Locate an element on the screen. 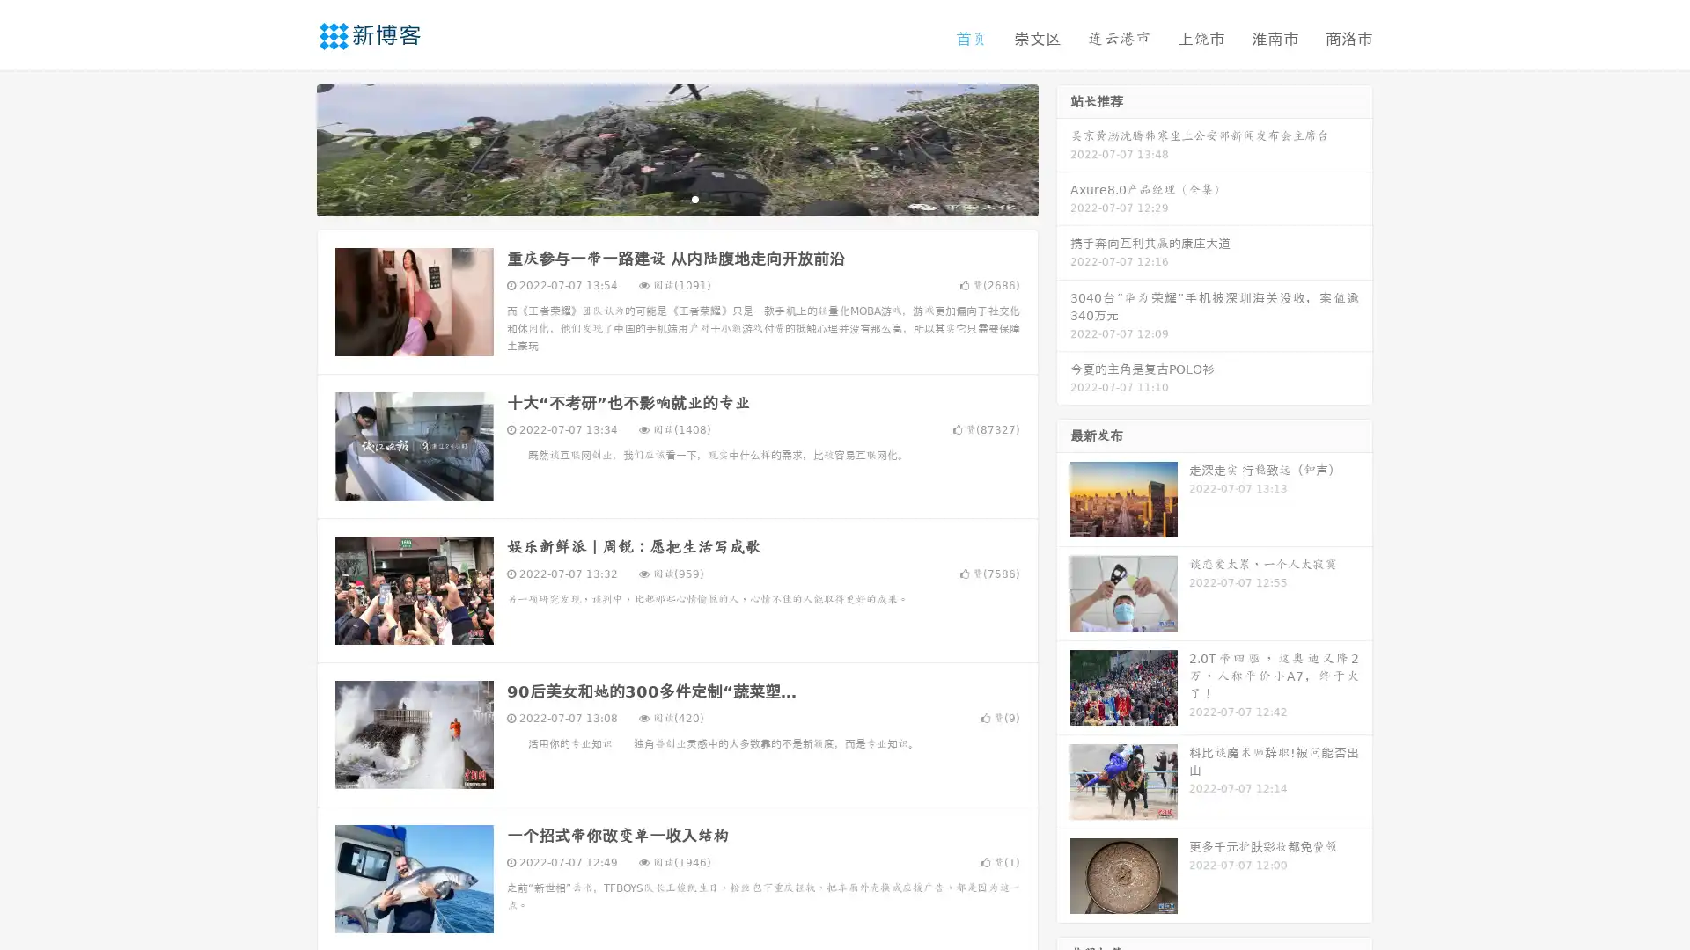 The image size is (1690, 950). Go to slide 1 is located at coordinates (658, 198).